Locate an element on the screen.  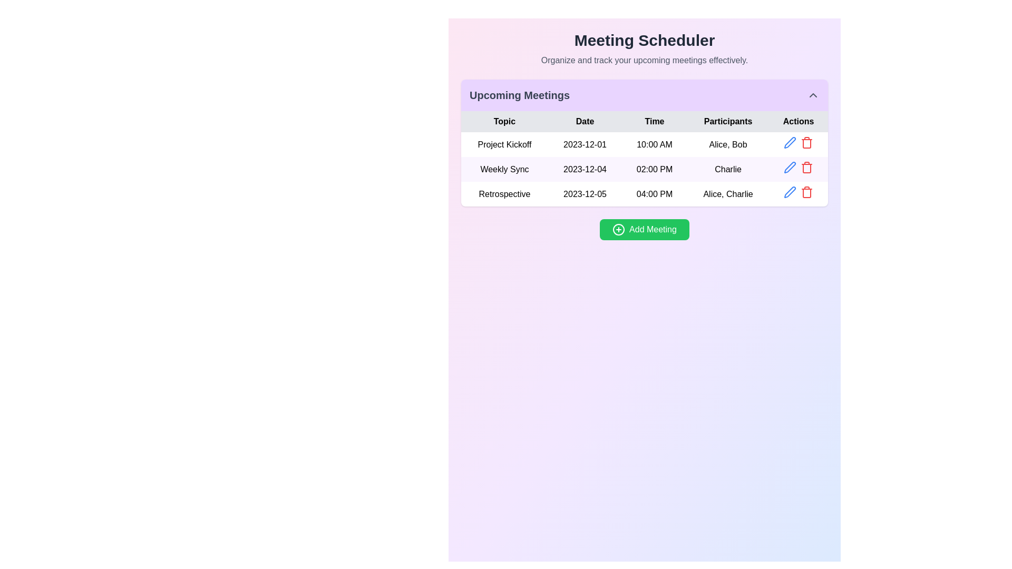
the text label that reads 'Organize and track your upcoming meetings effectively.' which is located below the title 'Meeting Scheduler' is located at coordinates (644, 61).